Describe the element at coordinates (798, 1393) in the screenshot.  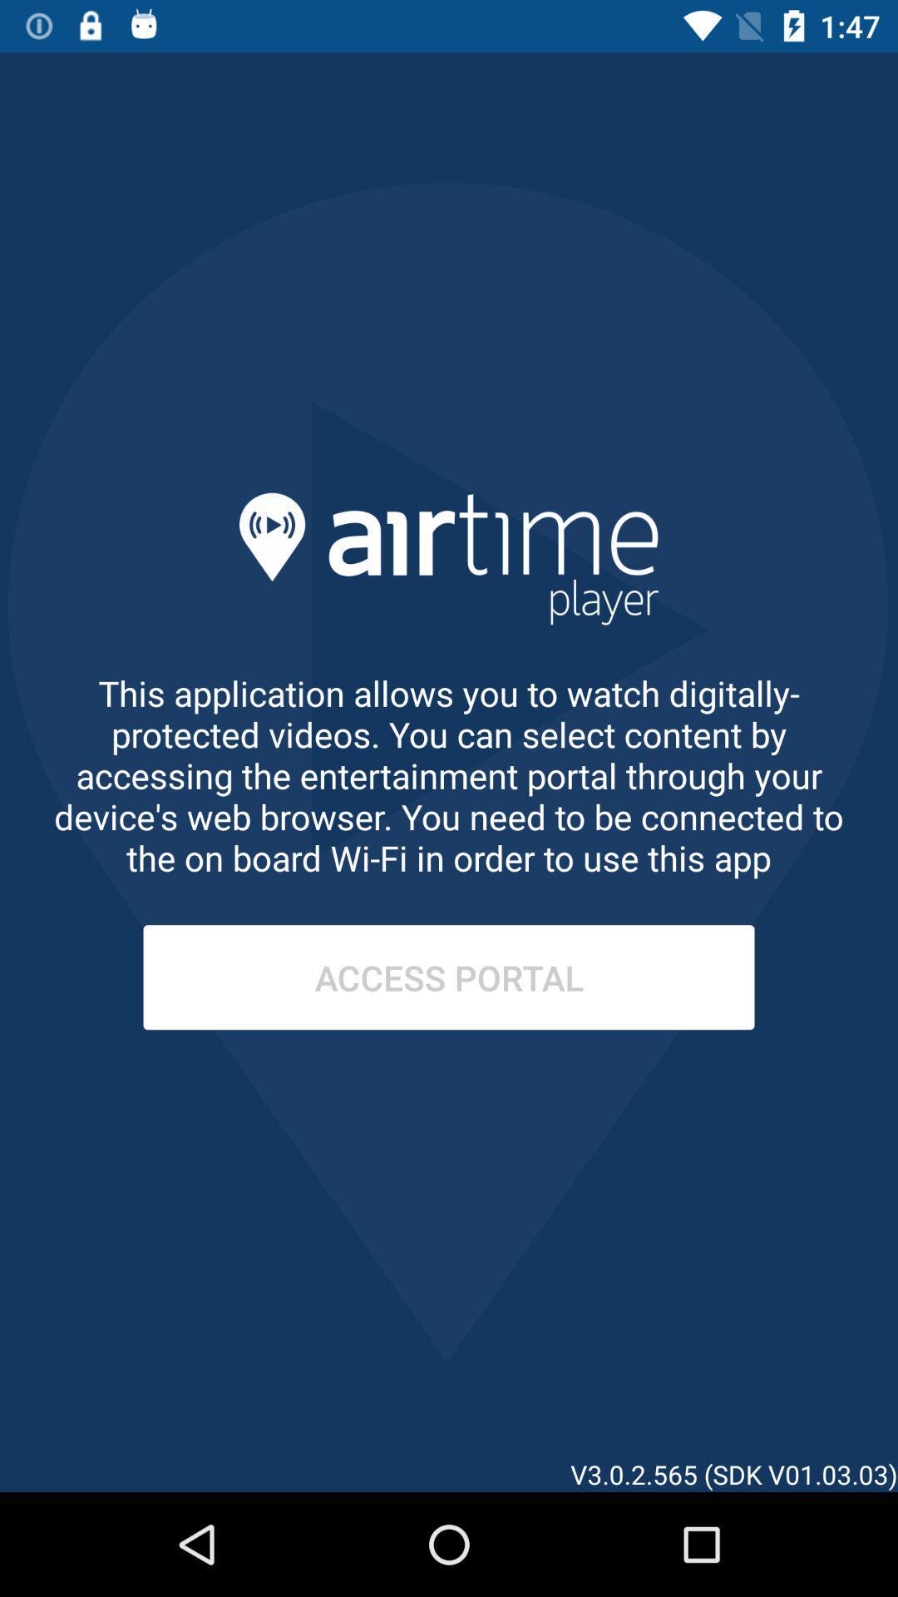
I see `icon below access portal item` at that location.